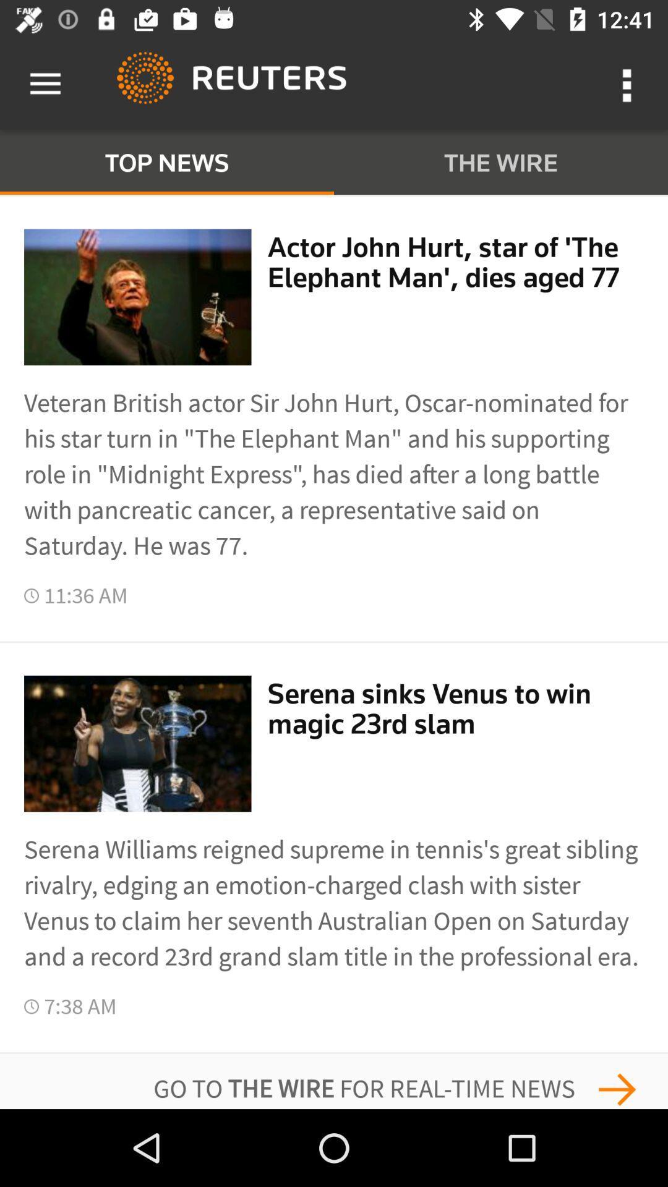 The height and width of the screenshot is (1187, 668). I want to click on the more option button to the right side of reuters, so click(629, 84).